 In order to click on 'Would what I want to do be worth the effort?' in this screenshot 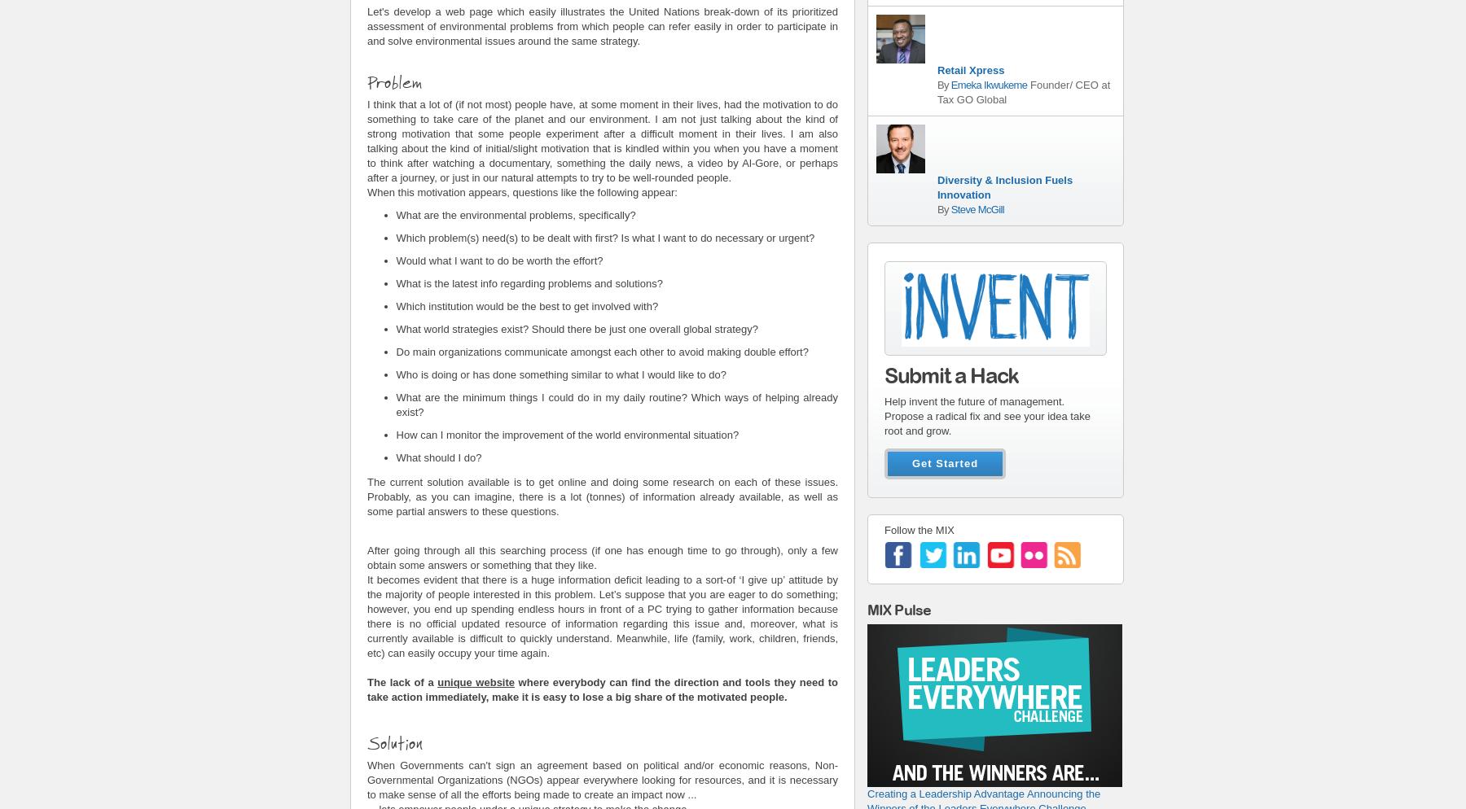, I will do `click(501, 260)`.